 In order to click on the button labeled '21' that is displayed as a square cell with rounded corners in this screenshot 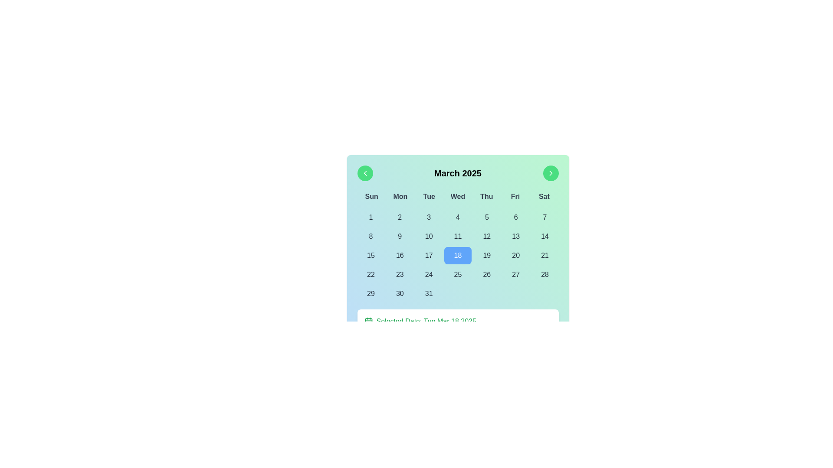, I will do `click(544, 255)`.